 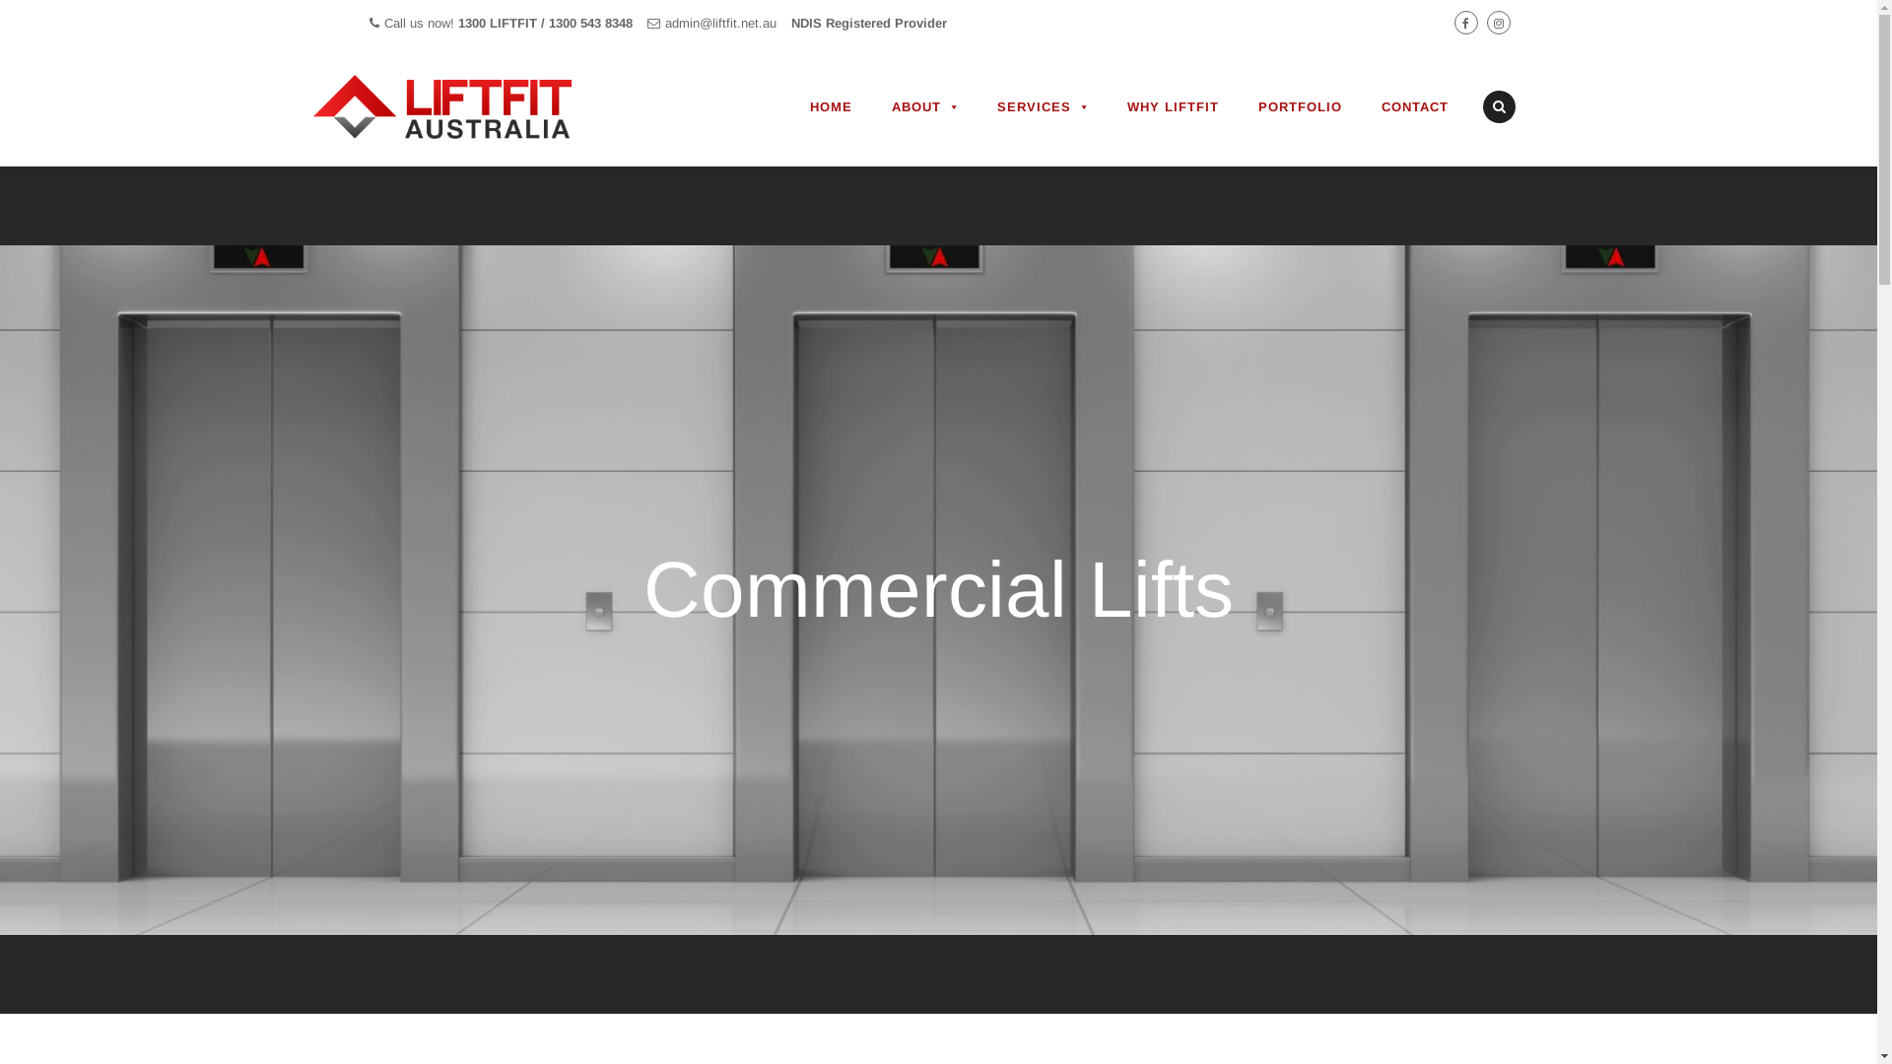 I want to click on 'ABOUT', so click(x=922, y=106).